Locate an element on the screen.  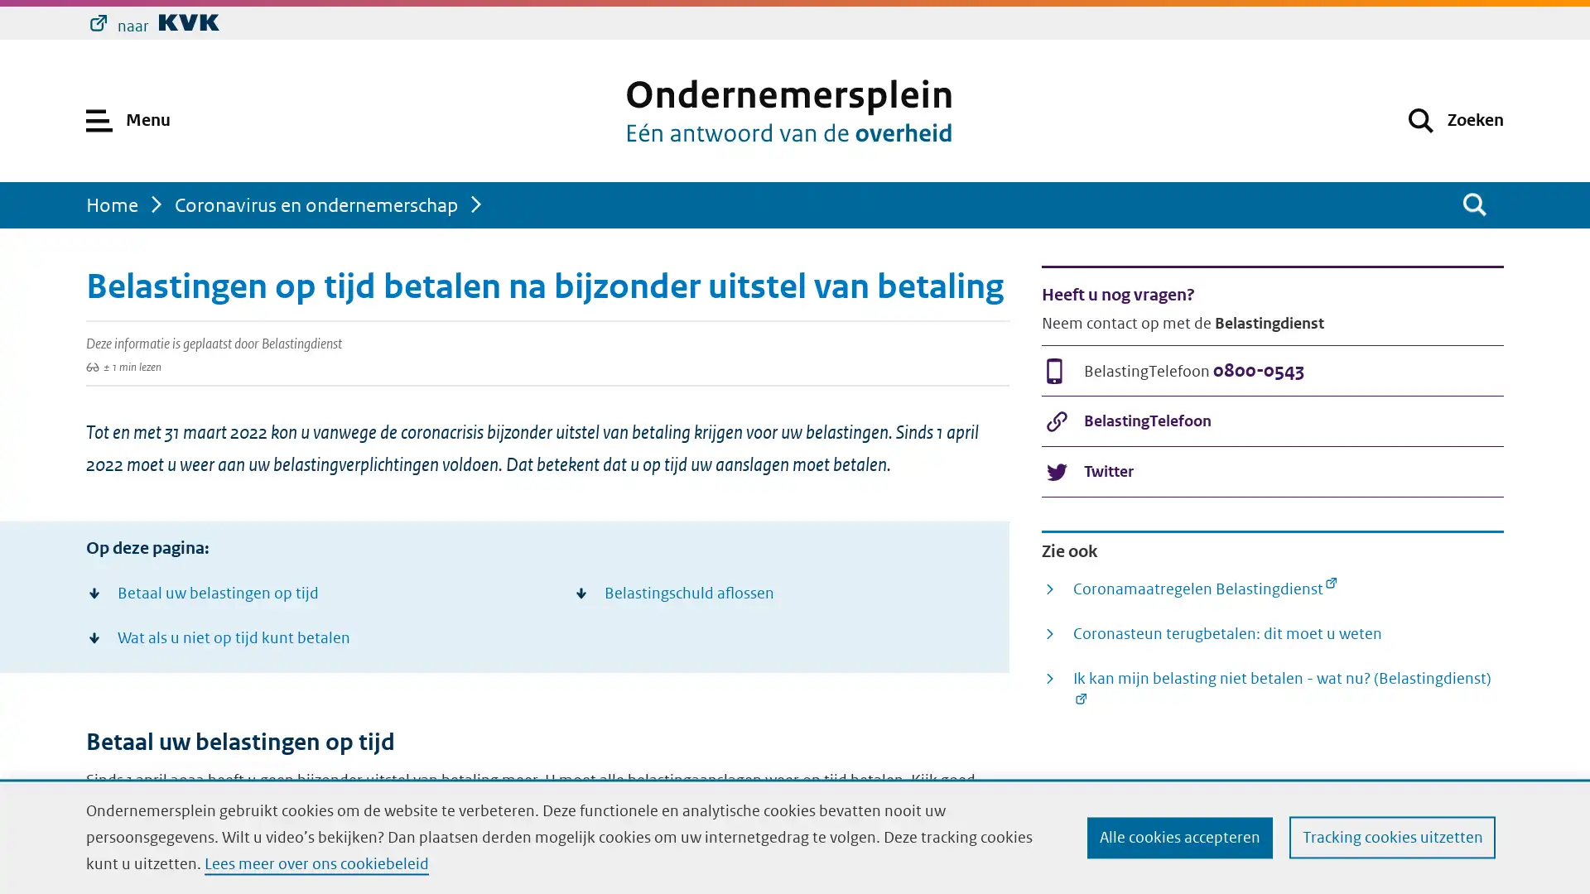
Tracking cookies uitzetten is located at coordinates (1391, 837).